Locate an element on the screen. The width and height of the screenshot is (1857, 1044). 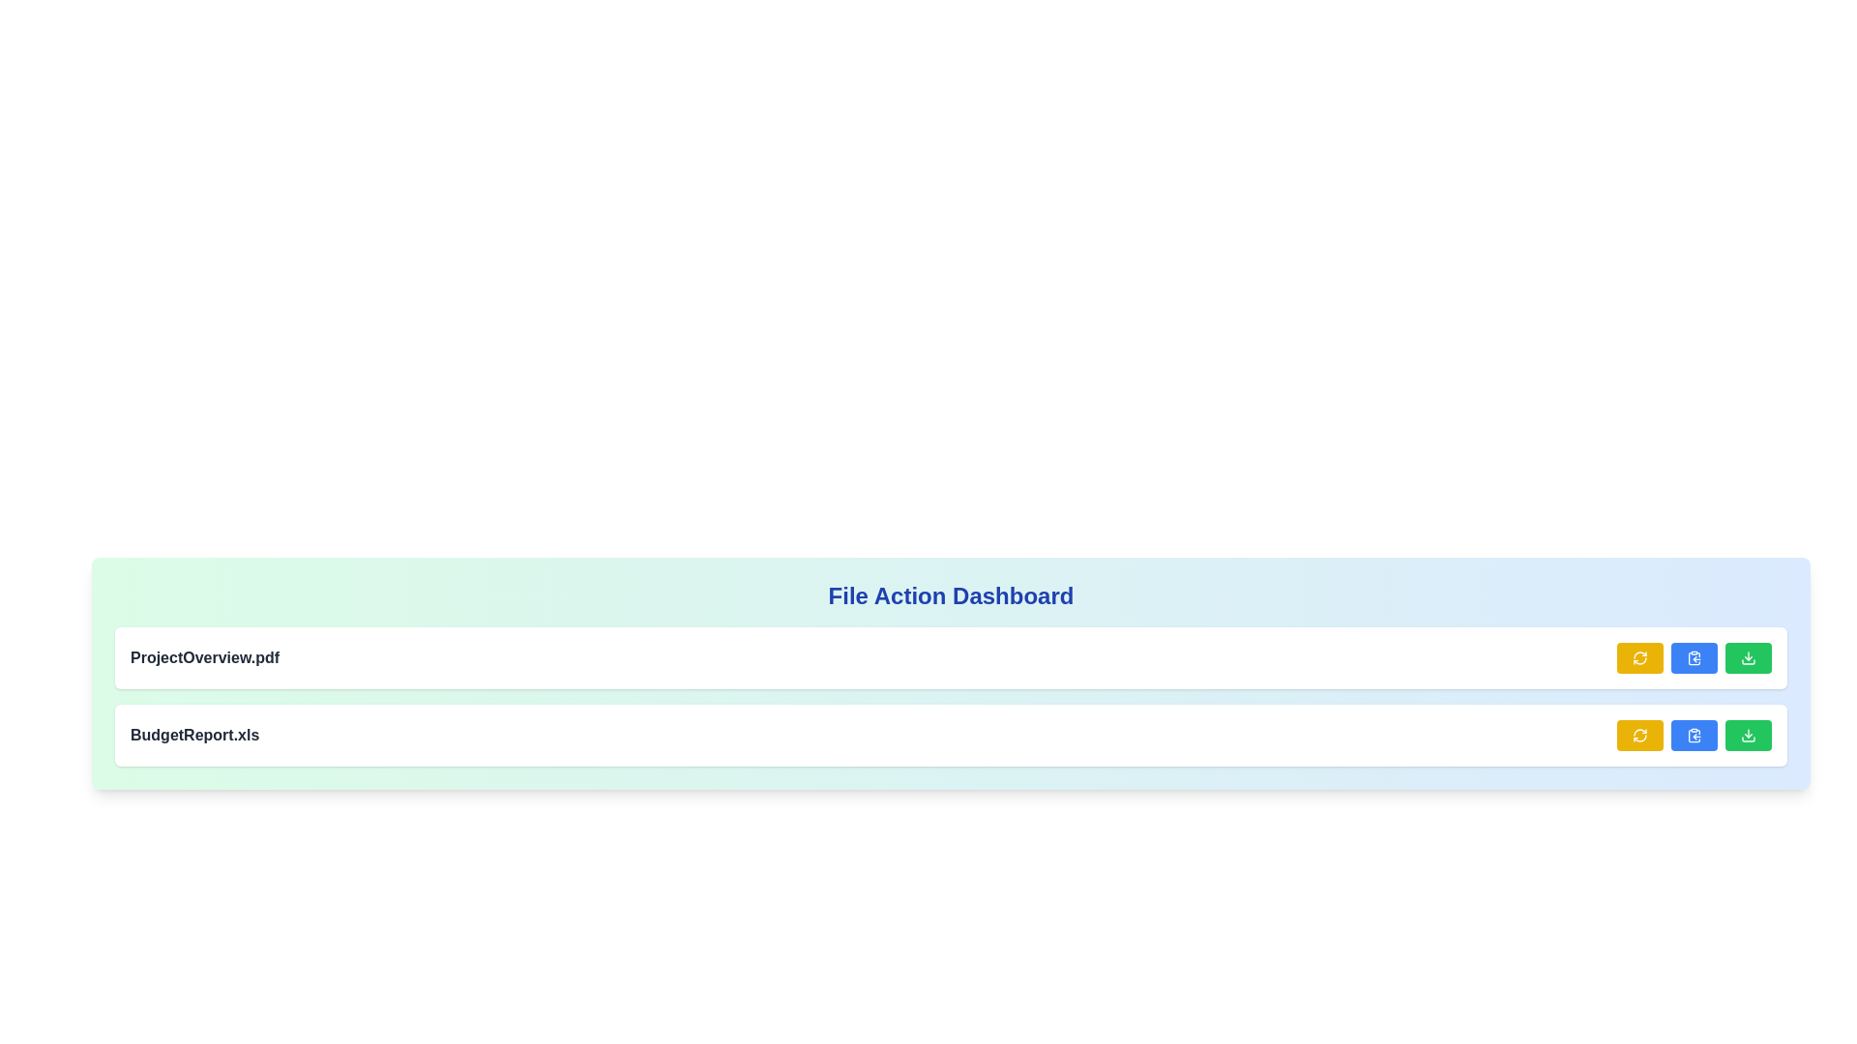
the green button with white text and a downward arrow icon on the far right of the button row to initiate a download action is located at coordinates (1749, 657).